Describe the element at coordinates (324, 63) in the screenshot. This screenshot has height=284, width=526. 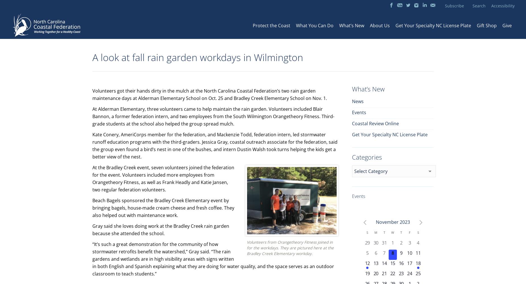
I see `'Effective Coastal Management'` at that location.